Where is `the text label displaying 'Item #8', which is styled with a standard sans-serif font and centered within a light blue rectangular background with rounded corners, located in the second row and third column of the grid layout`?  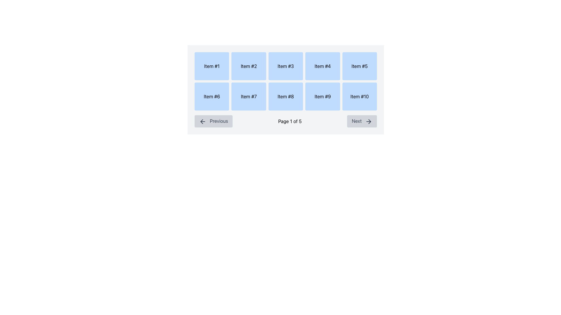 the text label displaying 'Item #8', which is styled with a standard sans-serif font and centered within a light blue rectangular background with rounded corners, located in the second row and third column of the grid layout is located at coordinates (286, 96).